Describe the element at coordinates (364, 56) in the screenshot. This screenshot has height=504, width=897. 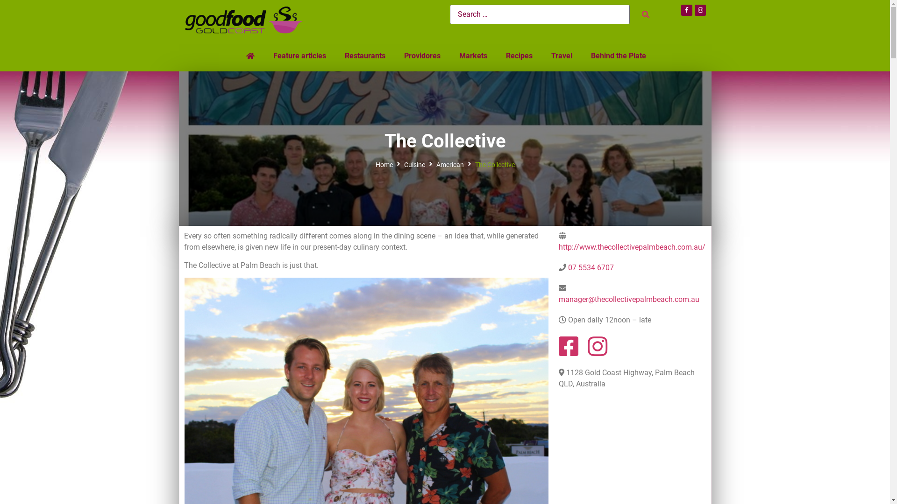
I see `'Restaurants'` at that location.